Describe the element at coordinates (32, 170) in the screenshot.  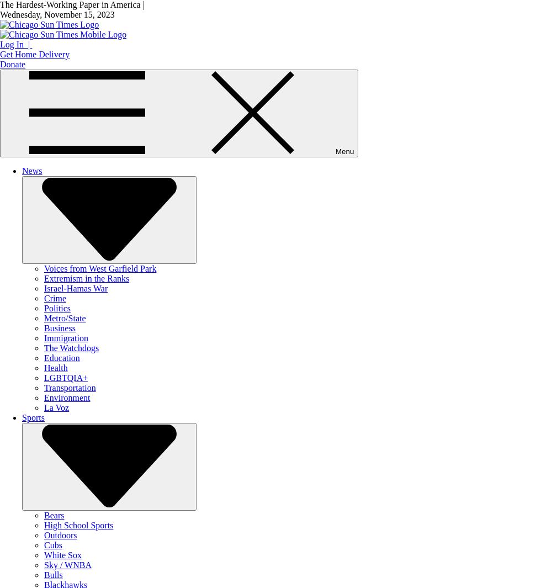
I see `'News'` at that location.